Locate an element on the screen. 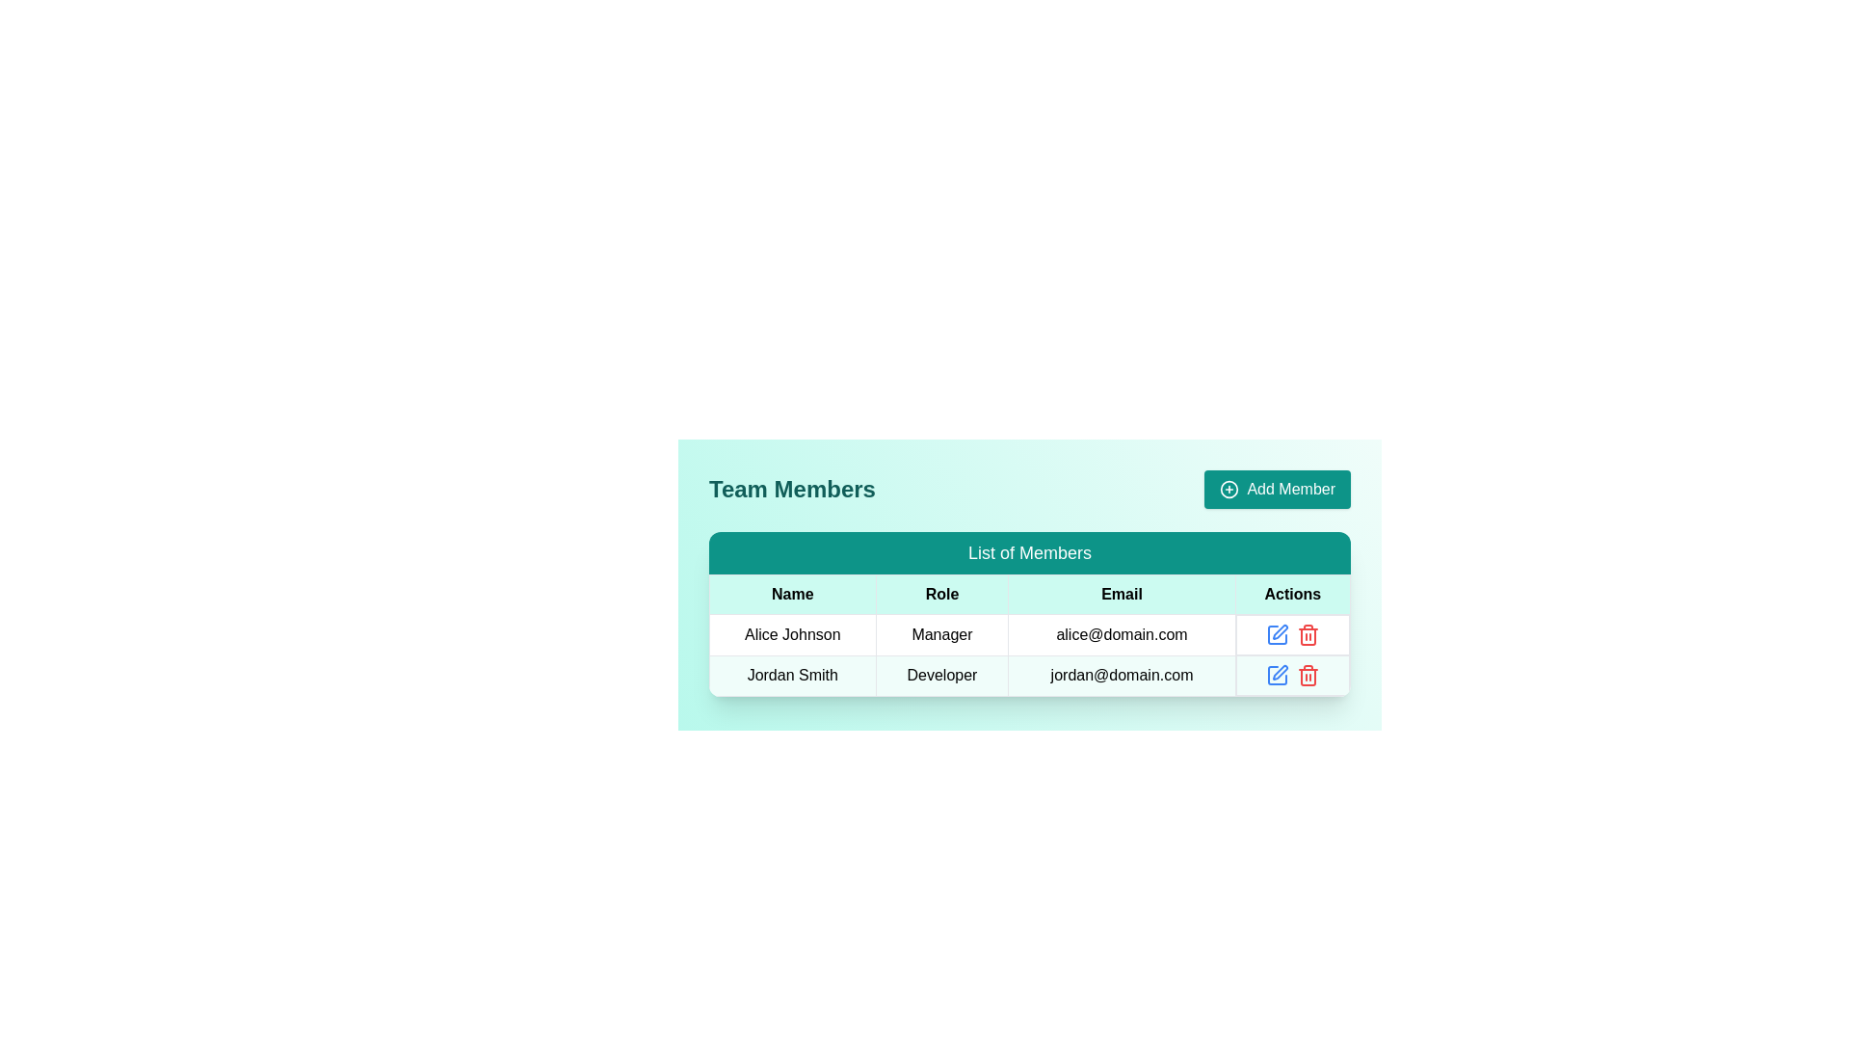 The width and height of the screenshot is (1850, 1041). text displayed in the email address cell 'jordan@domain.com', located in the third column of the second row of the 'Team Members' table is located at coordinates (1122, 675).